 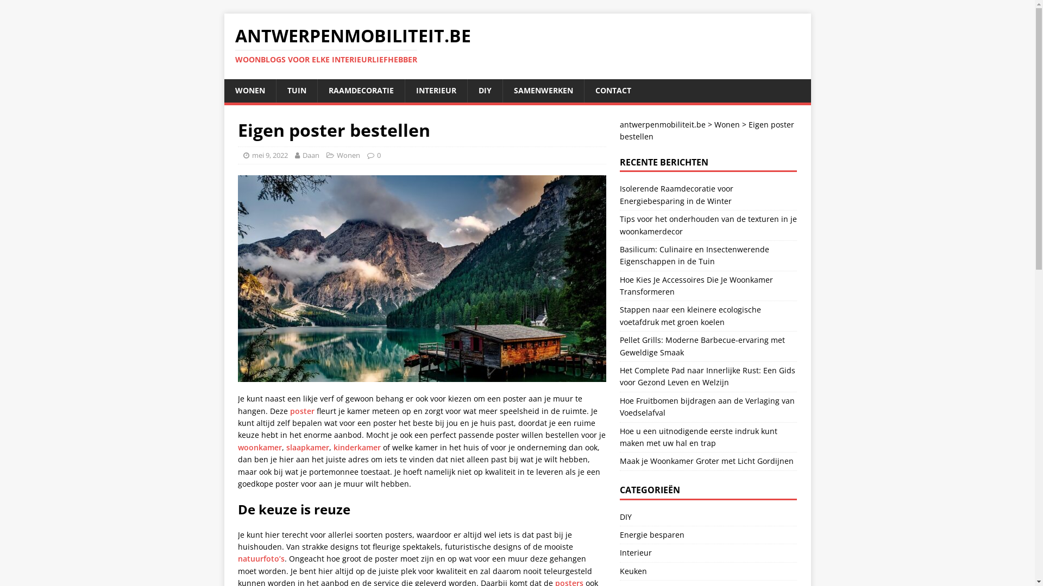 What do you see at coordinates (276, 90) in the screenshot?
I see `'TUIN'` at bounding box center [276, 90].